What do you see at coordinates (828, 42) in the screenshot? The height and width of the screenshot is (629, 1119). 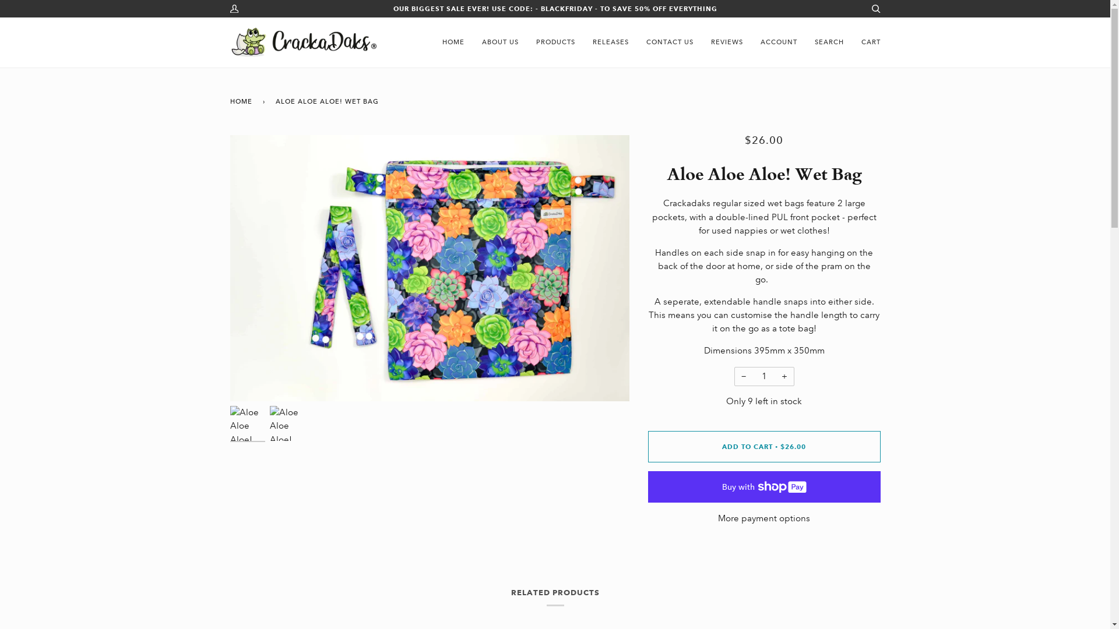 I see `'SEARCH'` at bounding box center [828, 42].